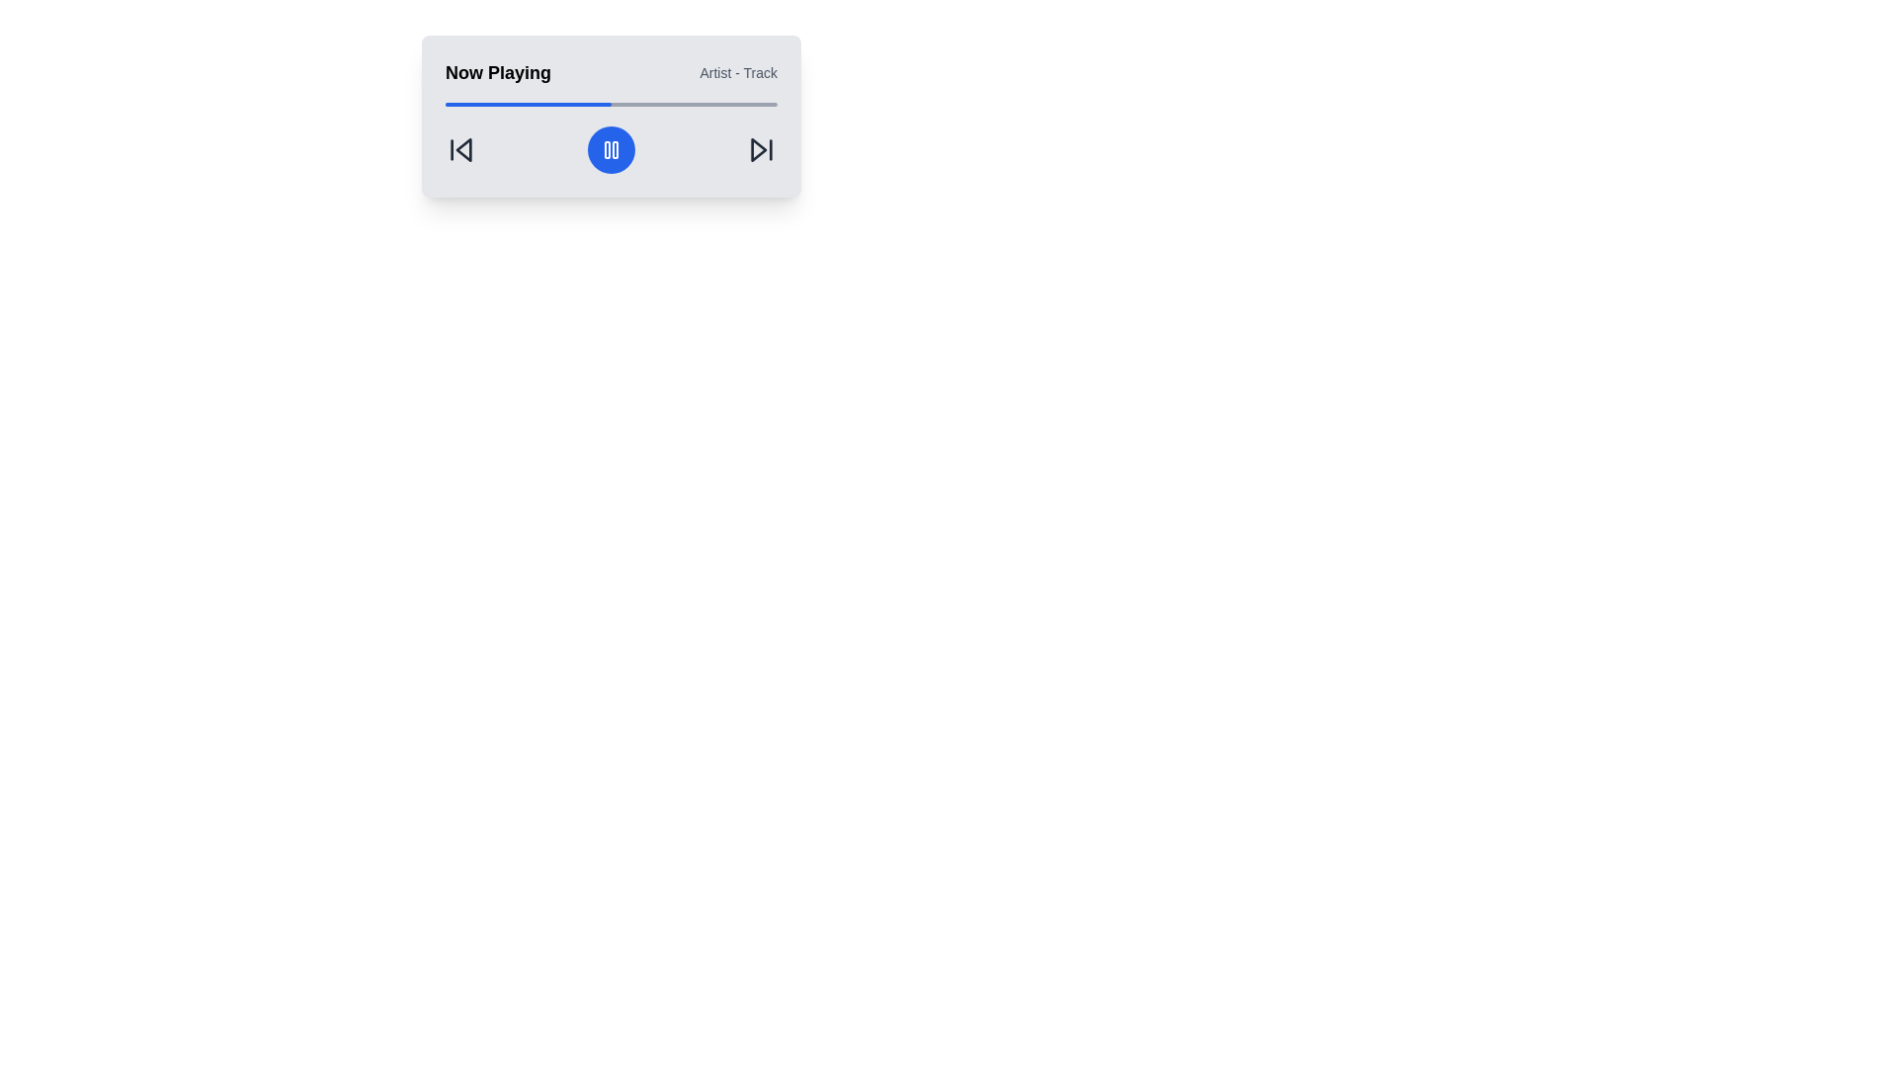 The height and width of the screenshot is (1067, 1897). I want to click on the progress of the bar, so click(619, 104).